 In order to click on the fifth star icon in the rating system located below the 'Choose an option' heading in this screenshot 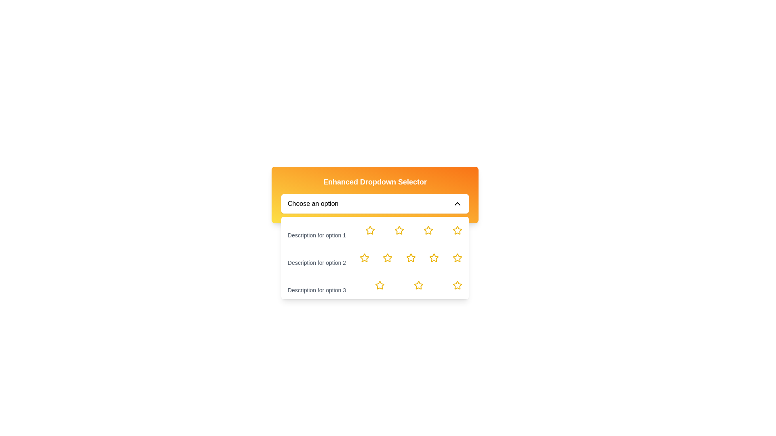, I will do `click(458, 285)`.